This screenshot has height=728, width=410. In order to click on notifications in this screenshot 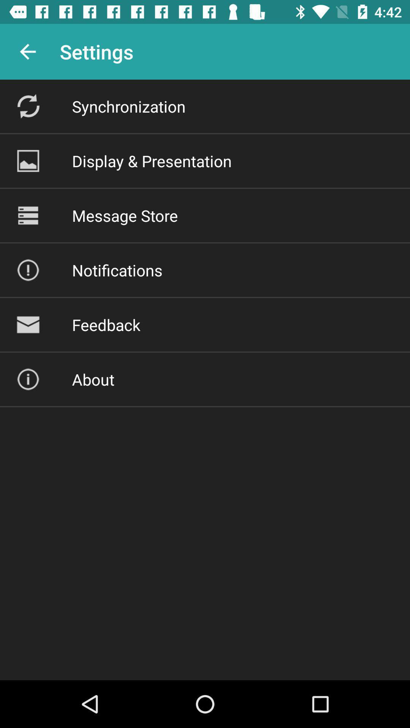, I will do `click(117, 270)`.